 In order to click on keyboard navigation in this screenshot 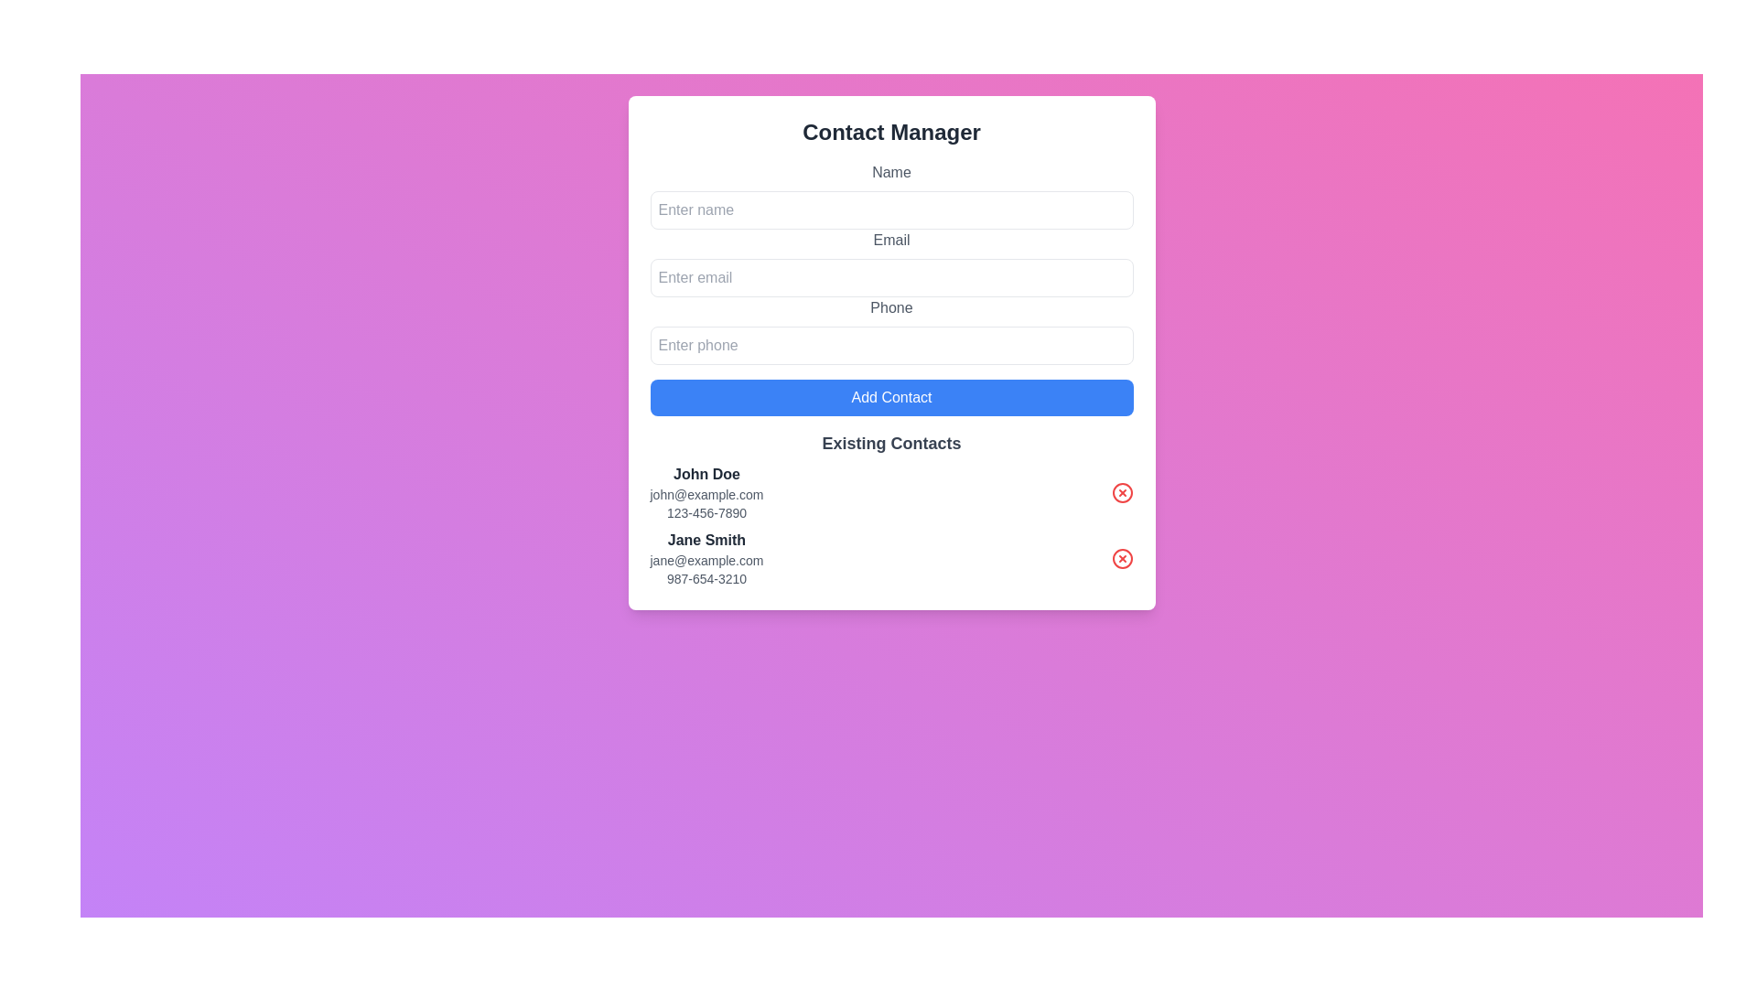, I will do `click(891, 278)`.